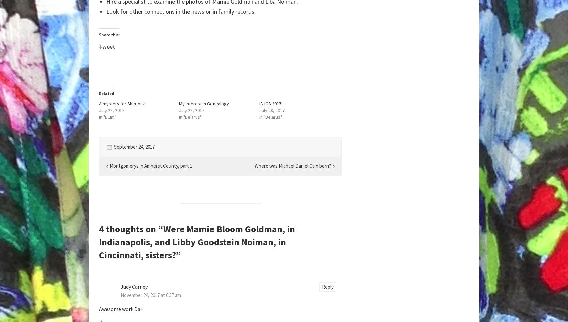  What do you see at coordinates (120, 309) in the screenshot?
I see `'Awesome work Dar'` at bounding box center [120, 309].